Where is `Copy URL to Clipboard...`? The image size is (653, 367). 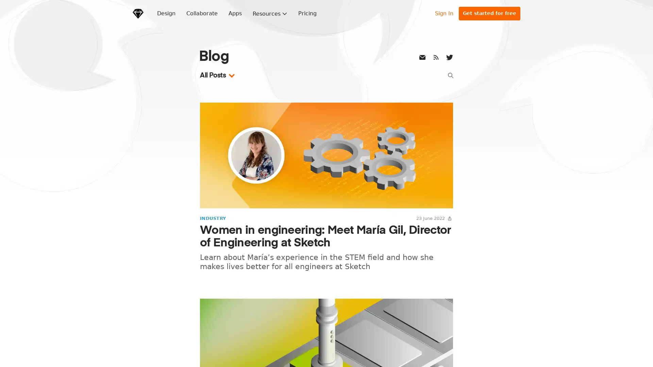 Copy URL to Clipboard... is located at coordinates (449, 218).